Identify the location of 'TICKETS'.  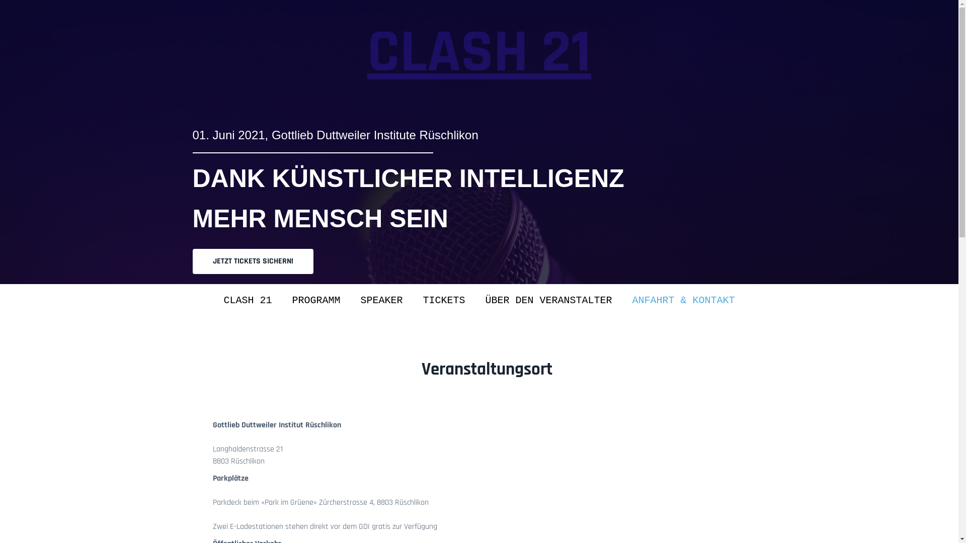
(443, 300).